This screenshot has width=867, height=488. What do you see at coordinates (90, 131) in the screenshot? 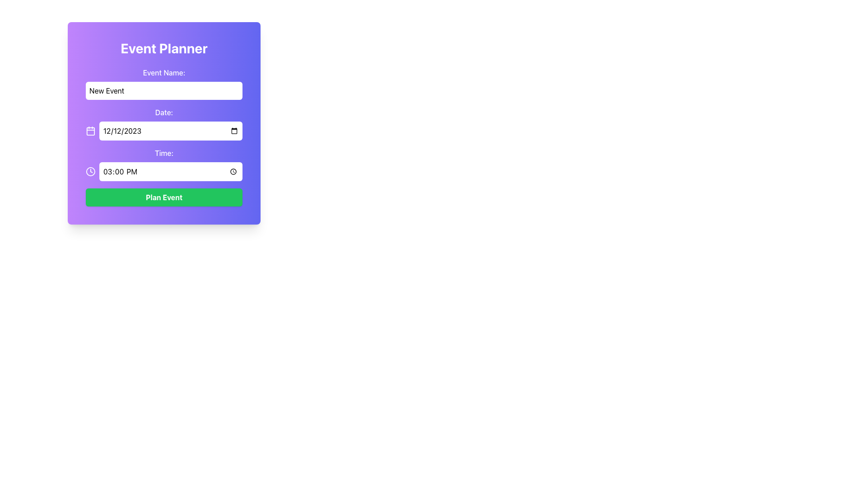
I see `the rounded rectangle area with a purple background located within the calendar icon, positioned to the leftmost side of the 'Date' input label` at bounding box center [90, 131].